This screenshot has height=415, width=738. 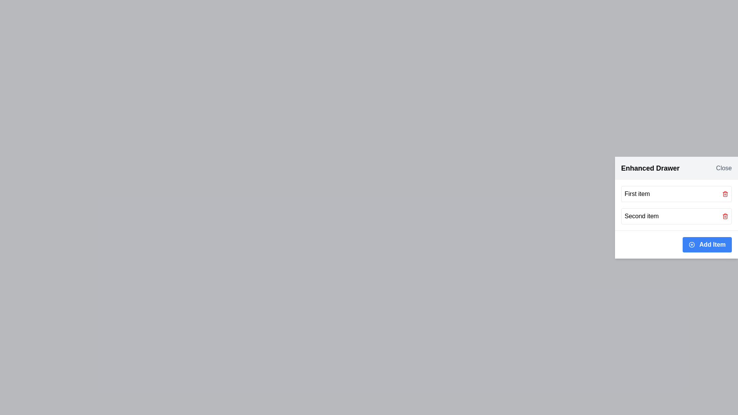 I want to click on the red trashcan icon delete button for the 'Second item' entry, so click(x=725, y=216).